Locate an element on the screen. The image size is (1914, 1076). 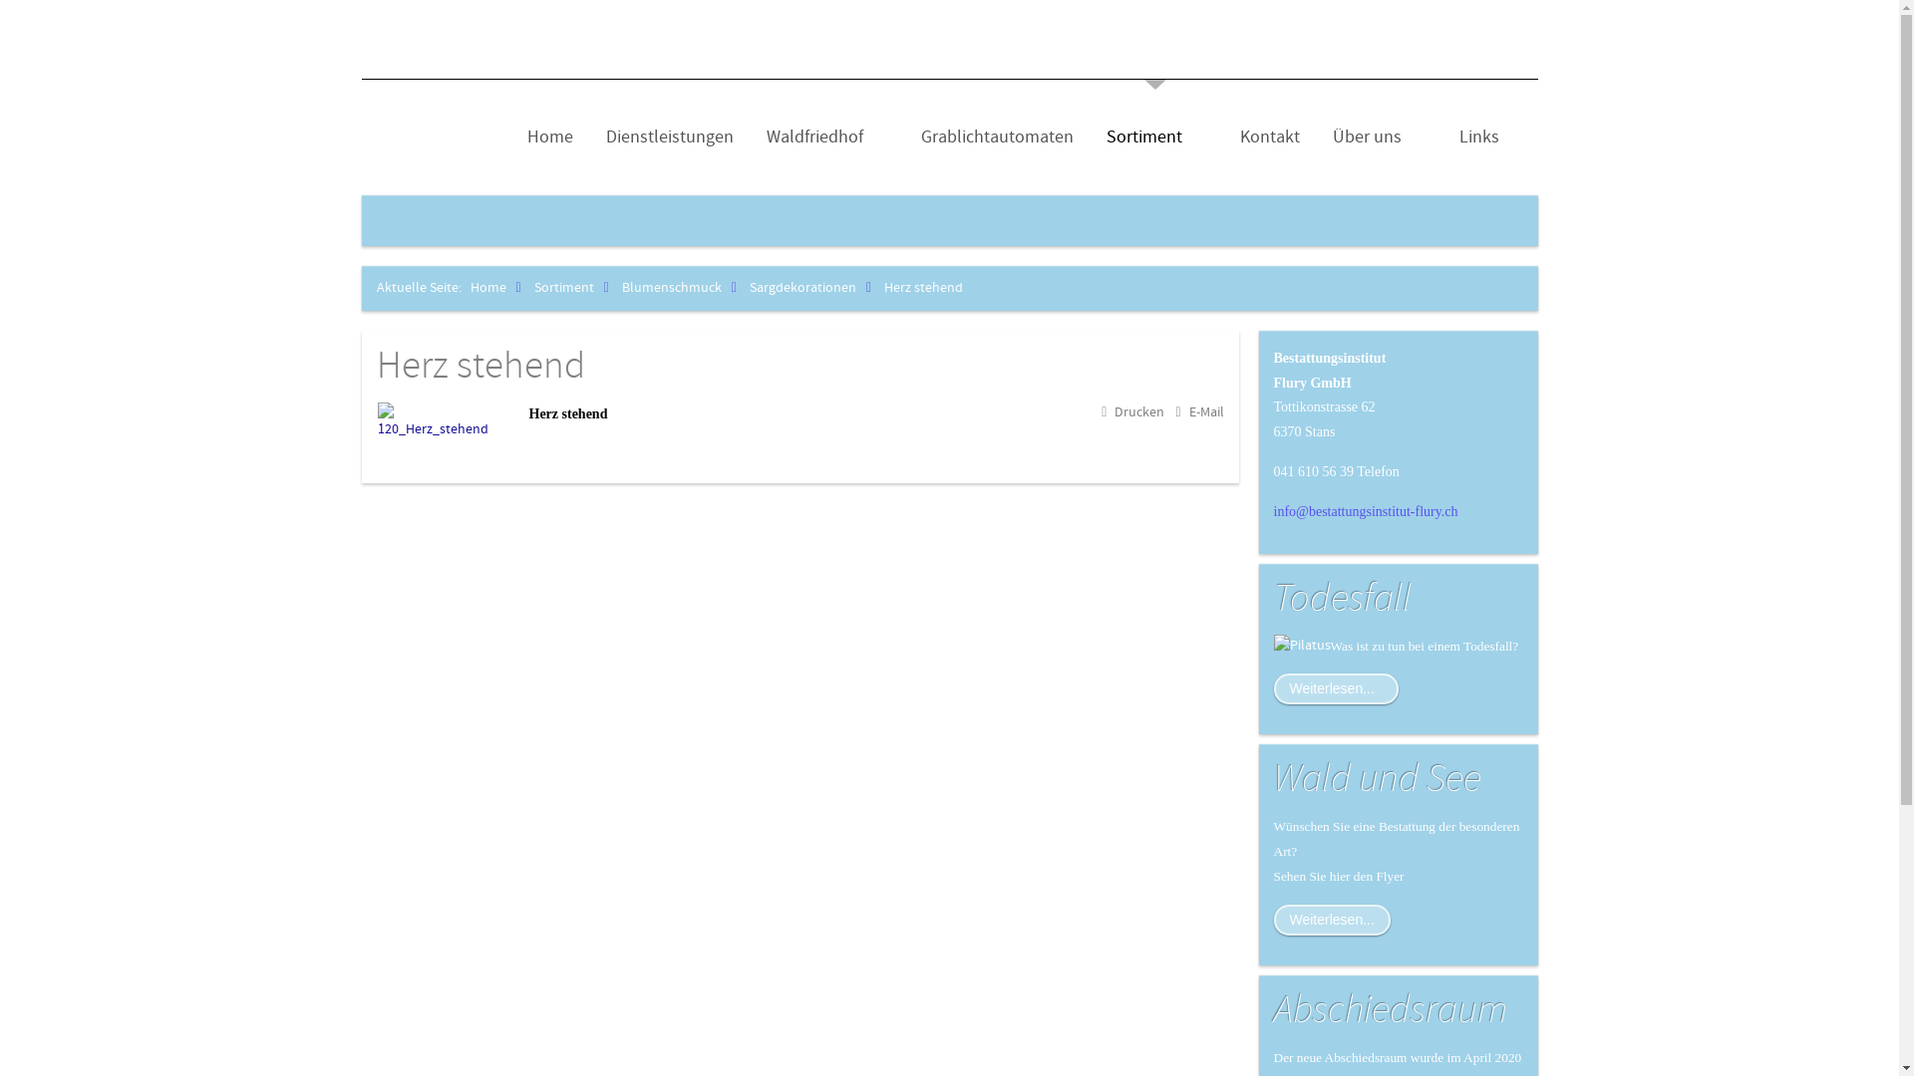
'Blumenschmuck' is located at coordinates (684, 288).